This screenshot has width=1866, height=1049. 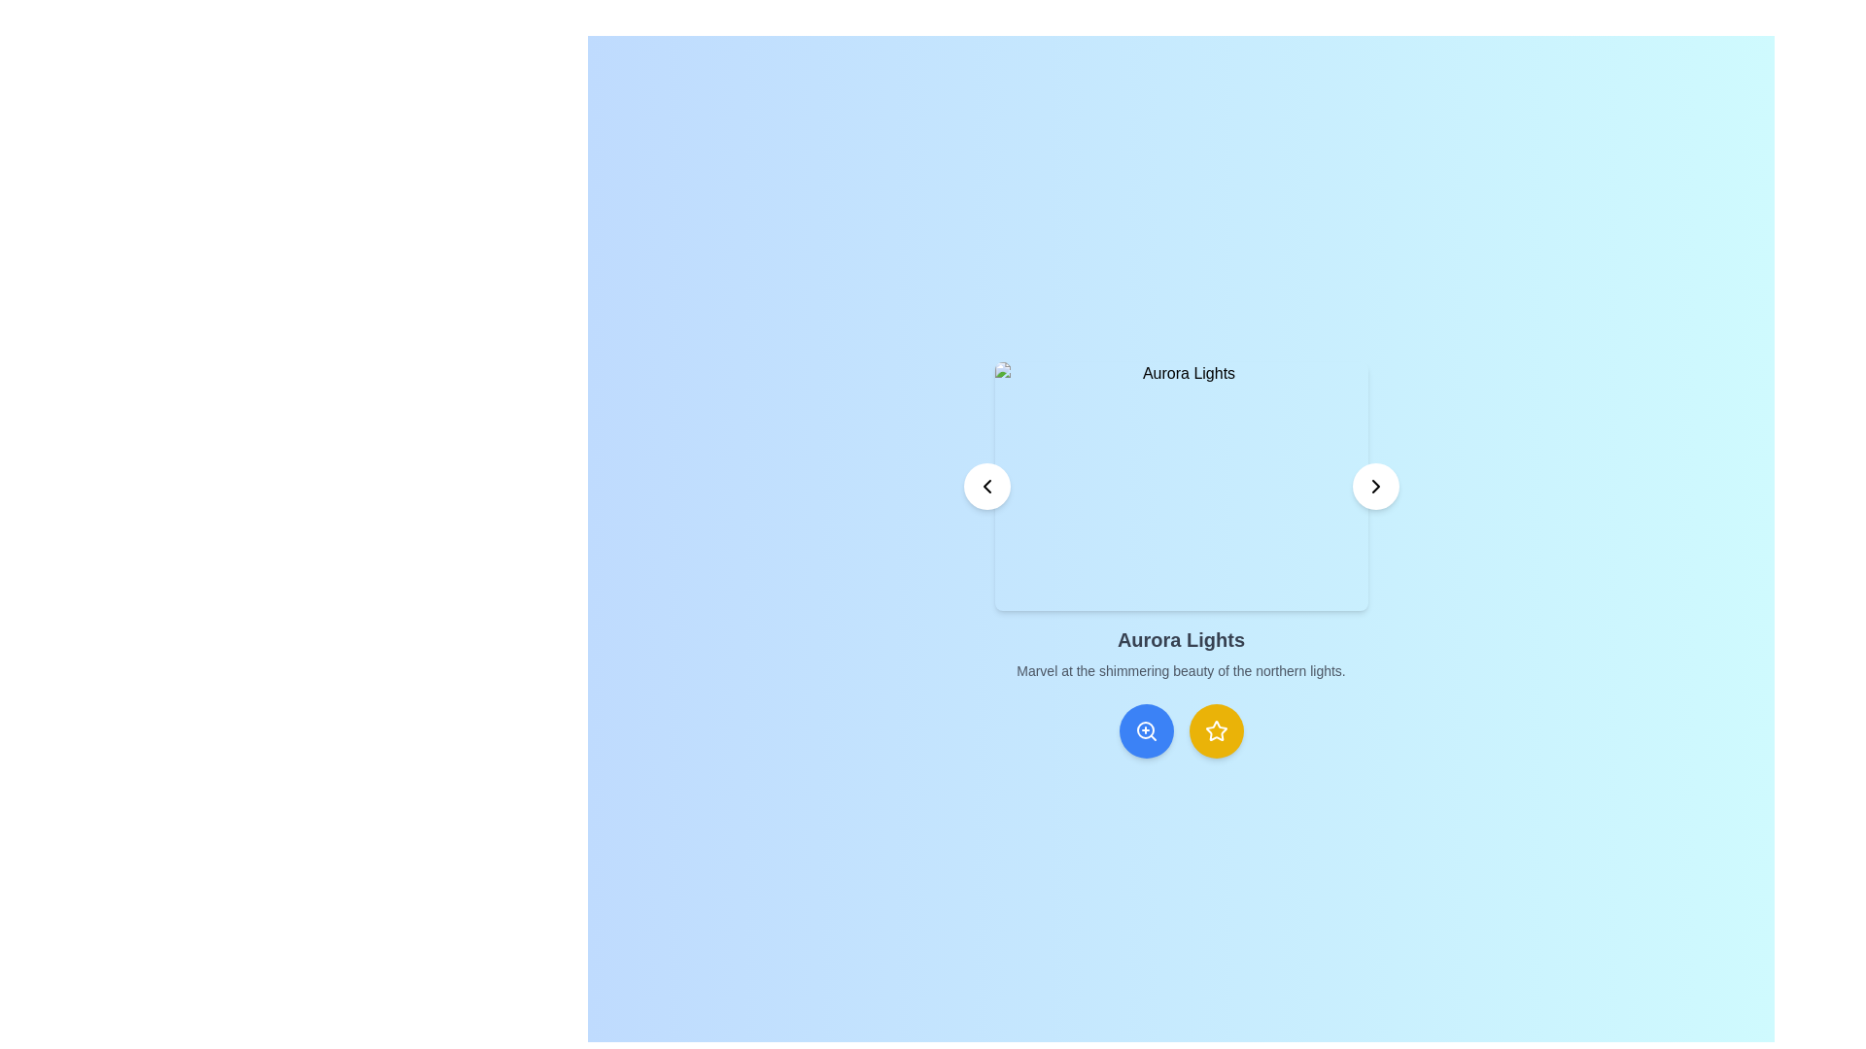 What do you see at coordinates (1180, 669) in the screenshot?
I see `the text label that says 'Marvel at the shimmering beauty of the northern lights', which is styled with a smaller font size and light gray color, located directly below the bold title 'Aurora Lights'` at bounding box center [1180, 669].